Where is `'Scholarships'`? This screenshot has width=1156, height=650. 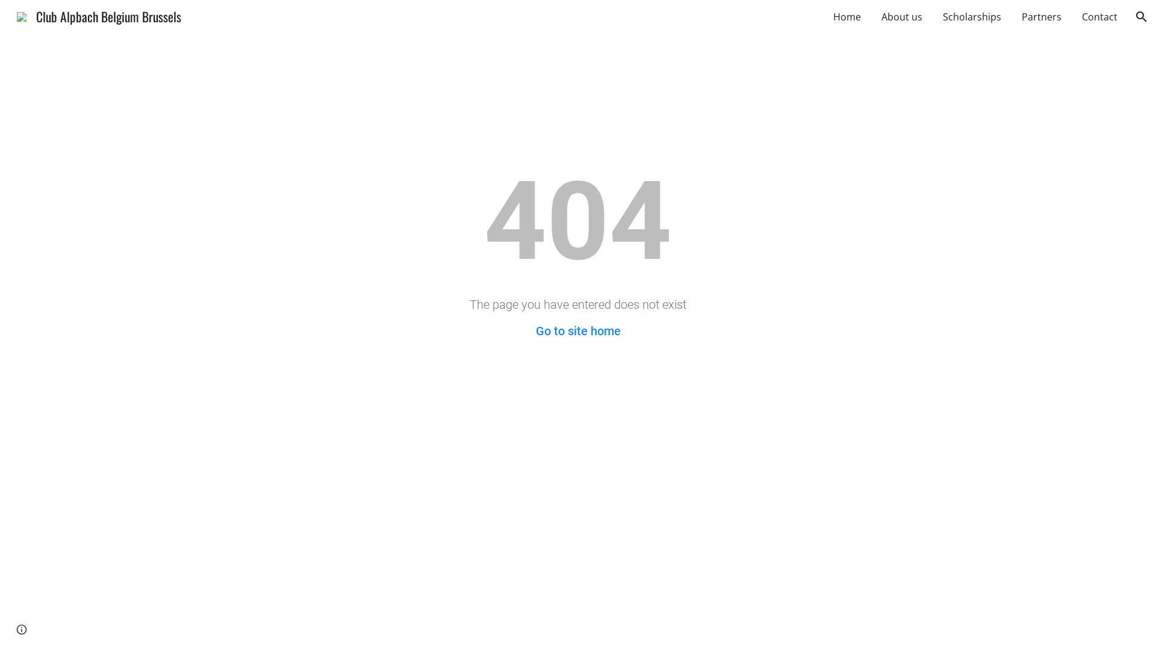
'Scholarships' is located at coordinates (972, 16).